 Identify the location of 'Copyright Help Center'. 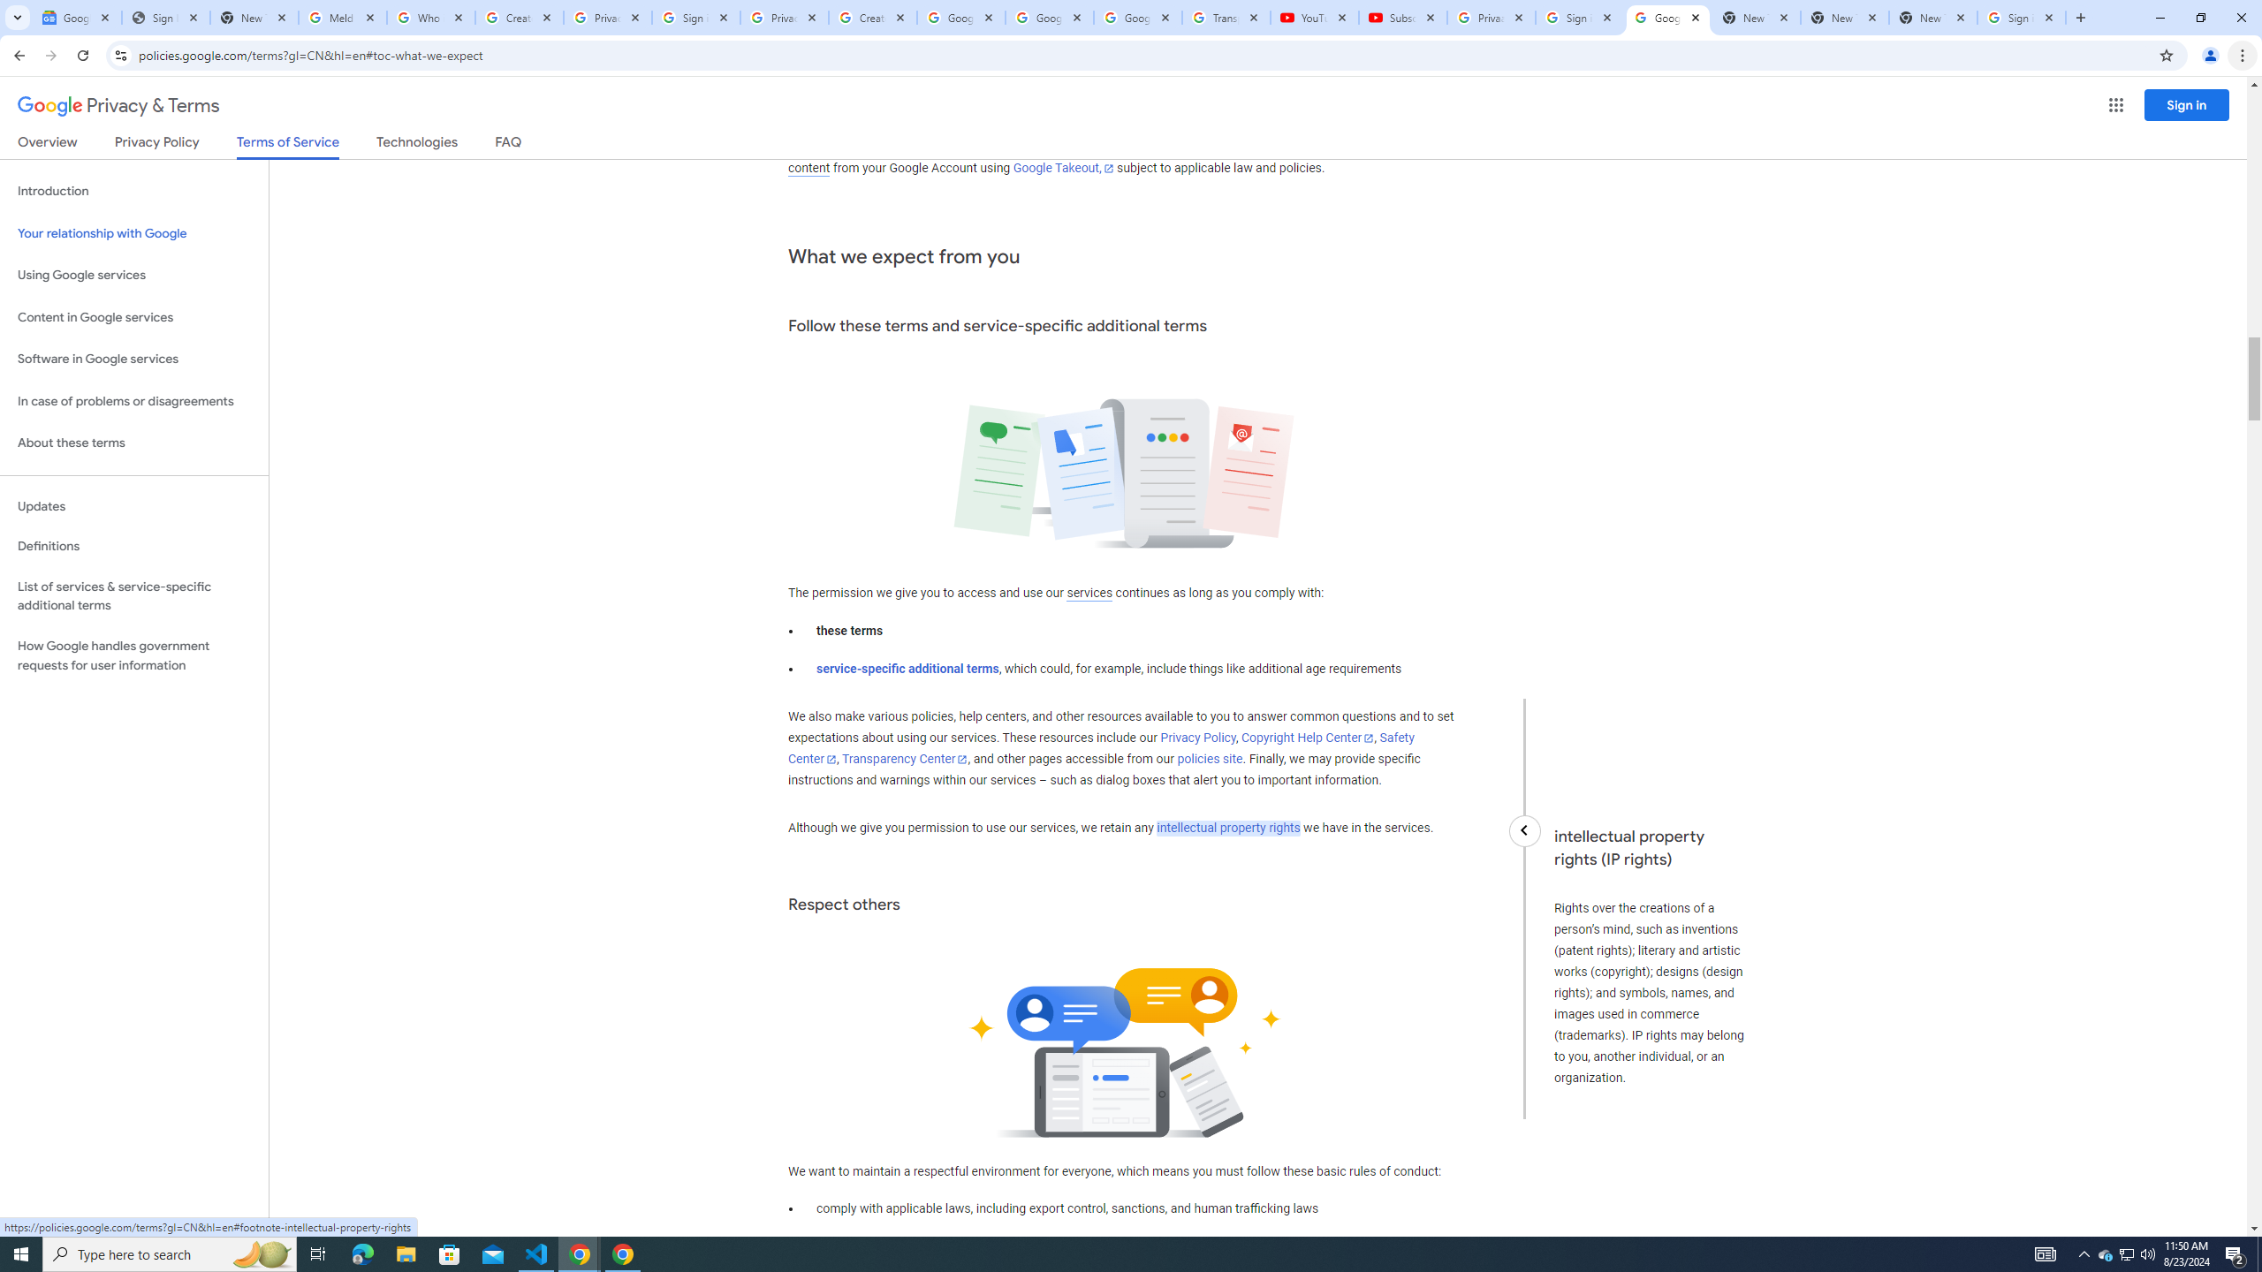
(1307, 737).